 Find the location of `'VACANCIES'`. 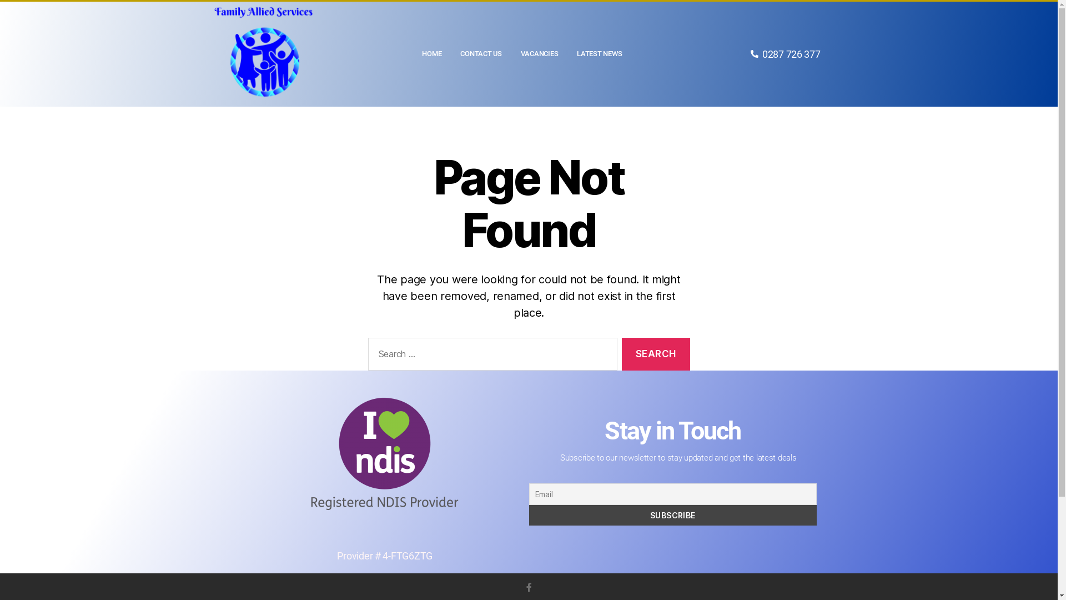

'VACANCIES' is located at coordinates (539, 53).